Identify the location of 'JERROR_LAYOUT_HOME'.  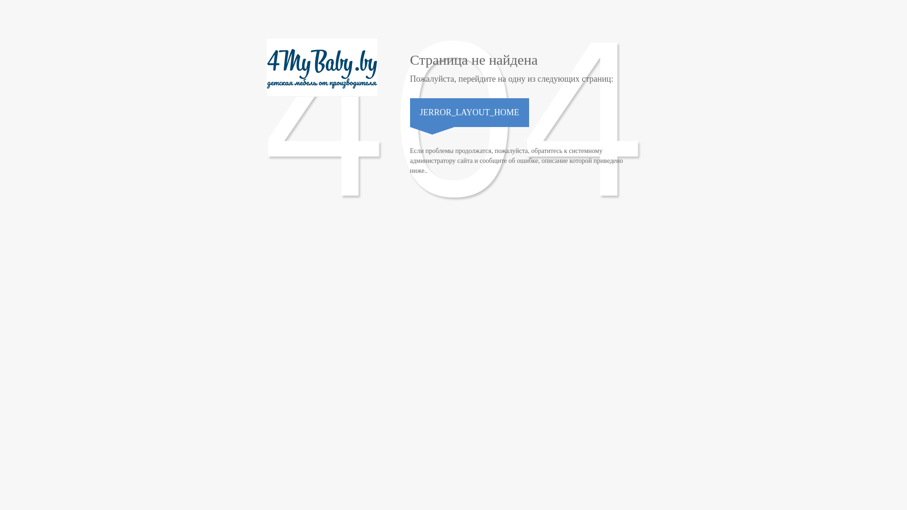
(469, 112).